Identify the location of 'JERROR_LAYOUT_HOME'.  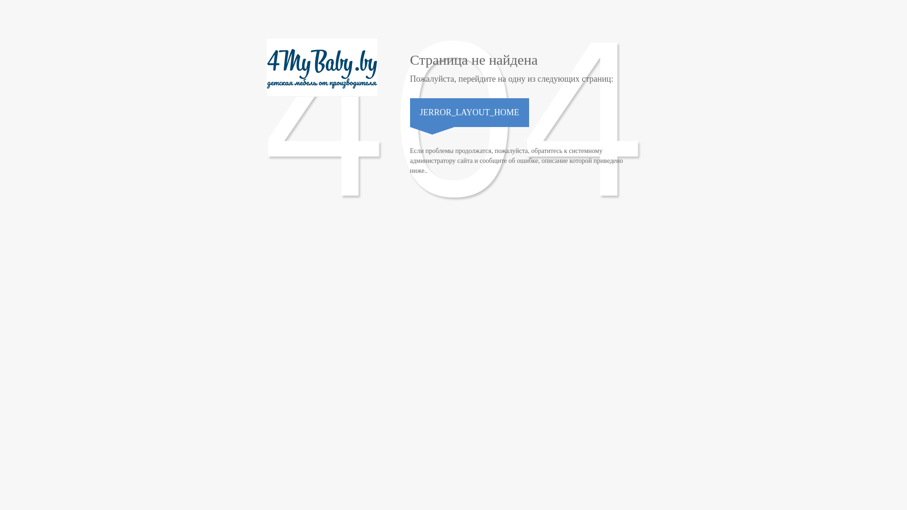
(469, 112).